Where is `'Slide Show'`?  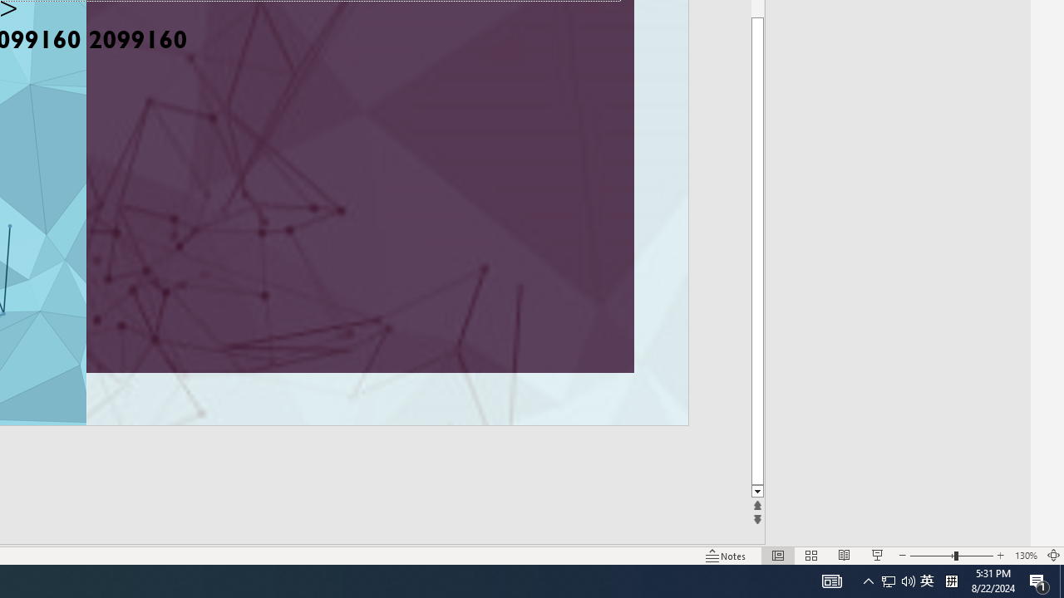 'Slide Show' is located at coordinates (877, 556).